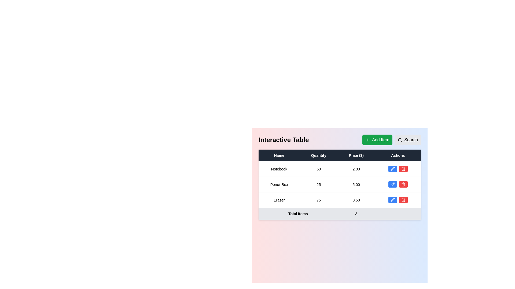 The width and height of the screenshot is (515, 289). What do you see at coordinates (319, 184) in the screenshot?
I see `the static text displaying the quantity of the 'Pencil Box' in the table, which is located in the second row under the 'Quantity' column` at bounding box center [319, 184].